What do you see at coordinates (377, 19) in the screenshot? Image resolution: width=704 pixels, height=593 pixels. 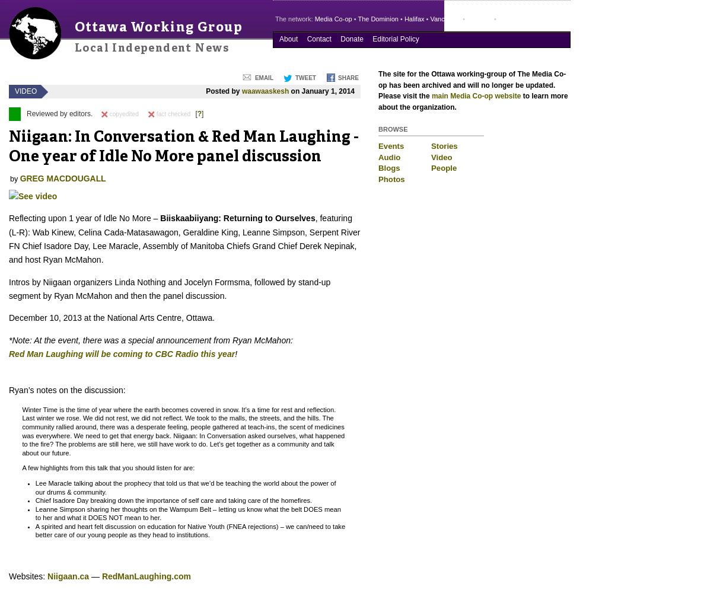 I see `'The Dominion'` at bounding box center [377, 19].